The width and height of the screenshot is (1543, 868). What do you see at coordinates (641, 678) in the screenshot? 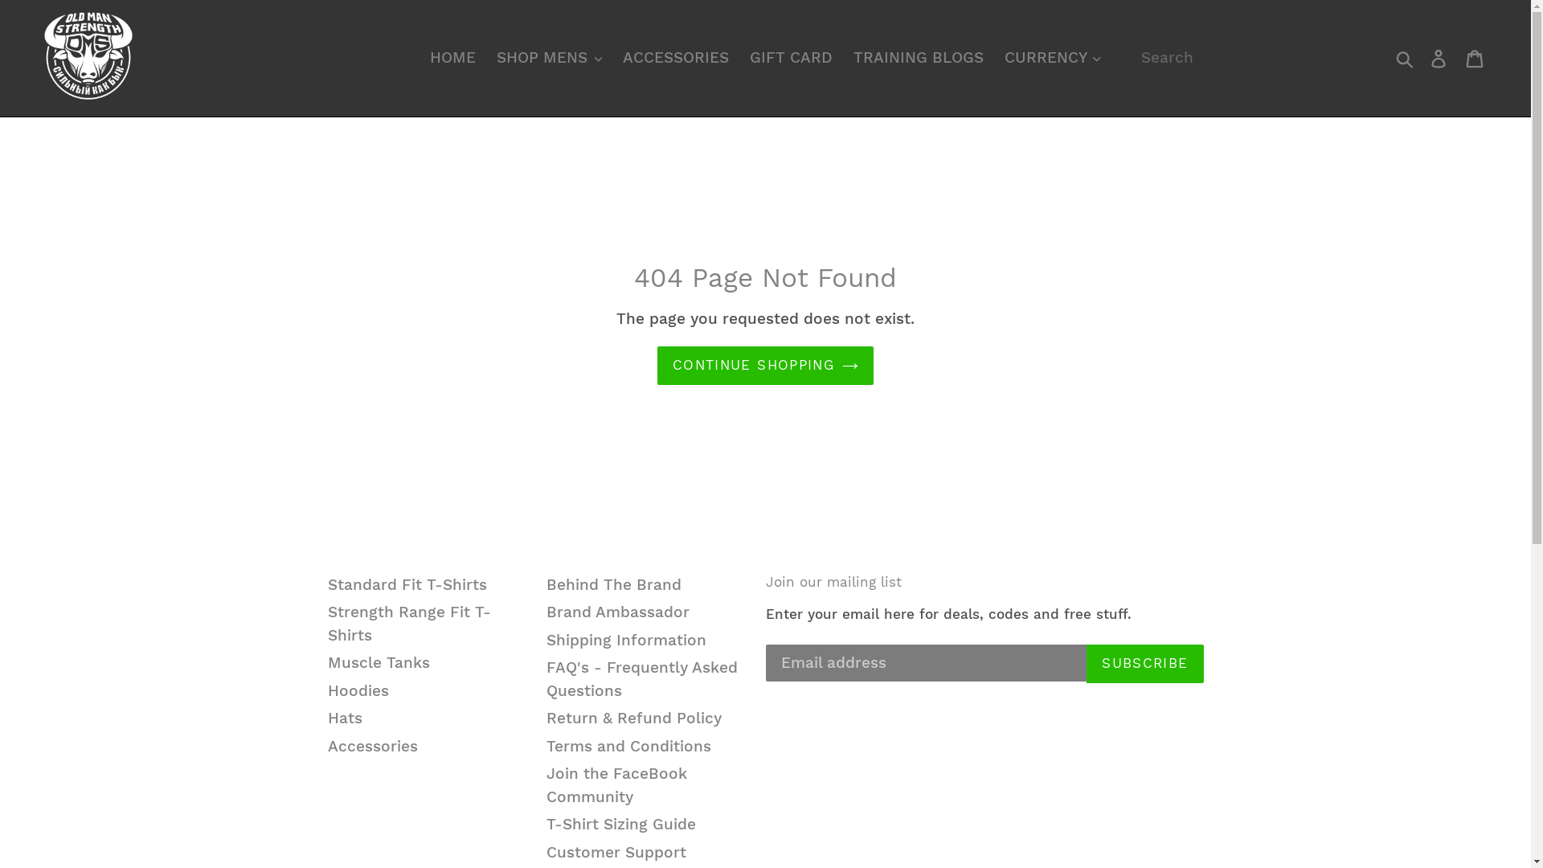
I see `'FAQ's - Frequently Asked Questions'` at bounding box center [641, 678].